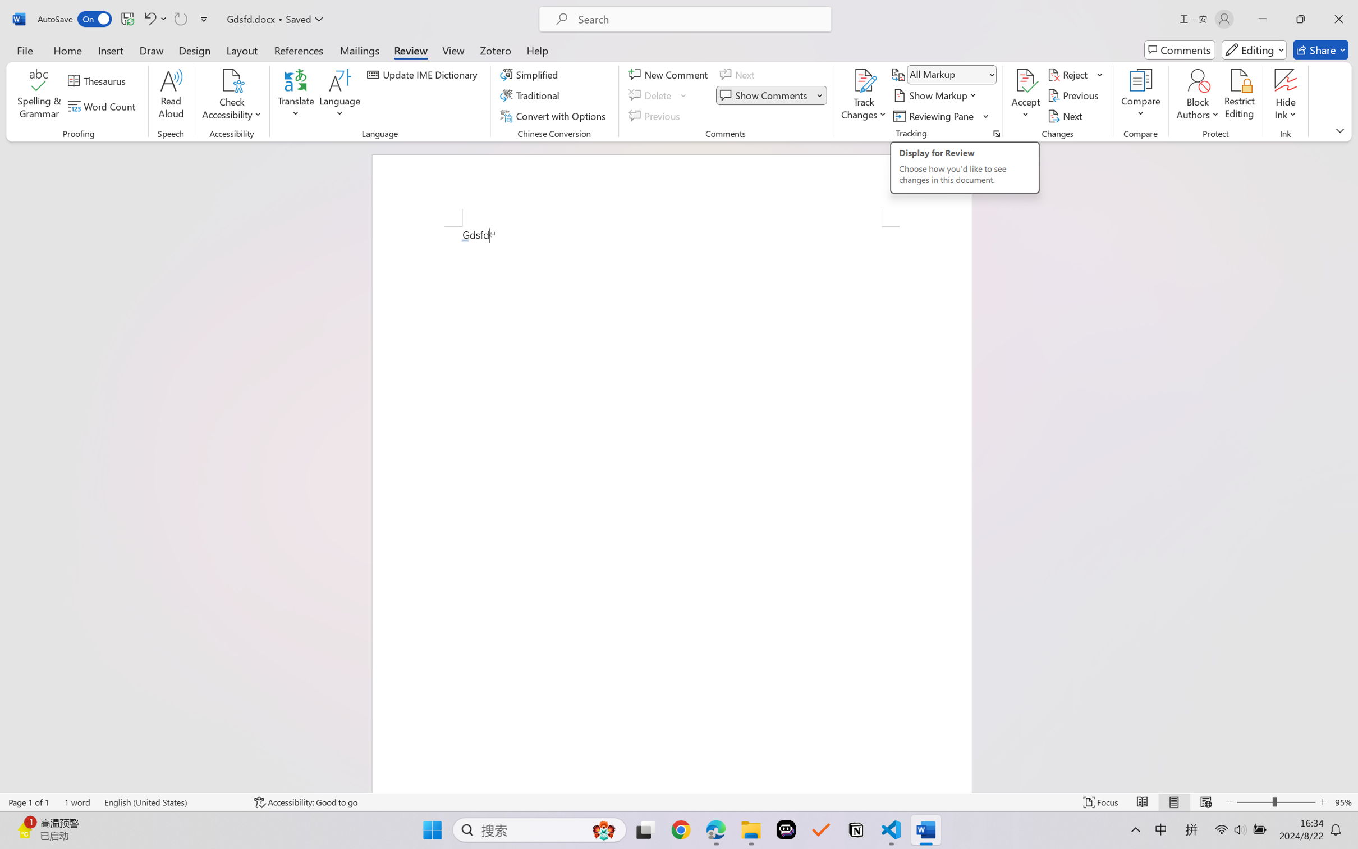 The width and height of the screenshot is (1358, 849). I want to click on 'Hide Ink', so click(1286, 80).